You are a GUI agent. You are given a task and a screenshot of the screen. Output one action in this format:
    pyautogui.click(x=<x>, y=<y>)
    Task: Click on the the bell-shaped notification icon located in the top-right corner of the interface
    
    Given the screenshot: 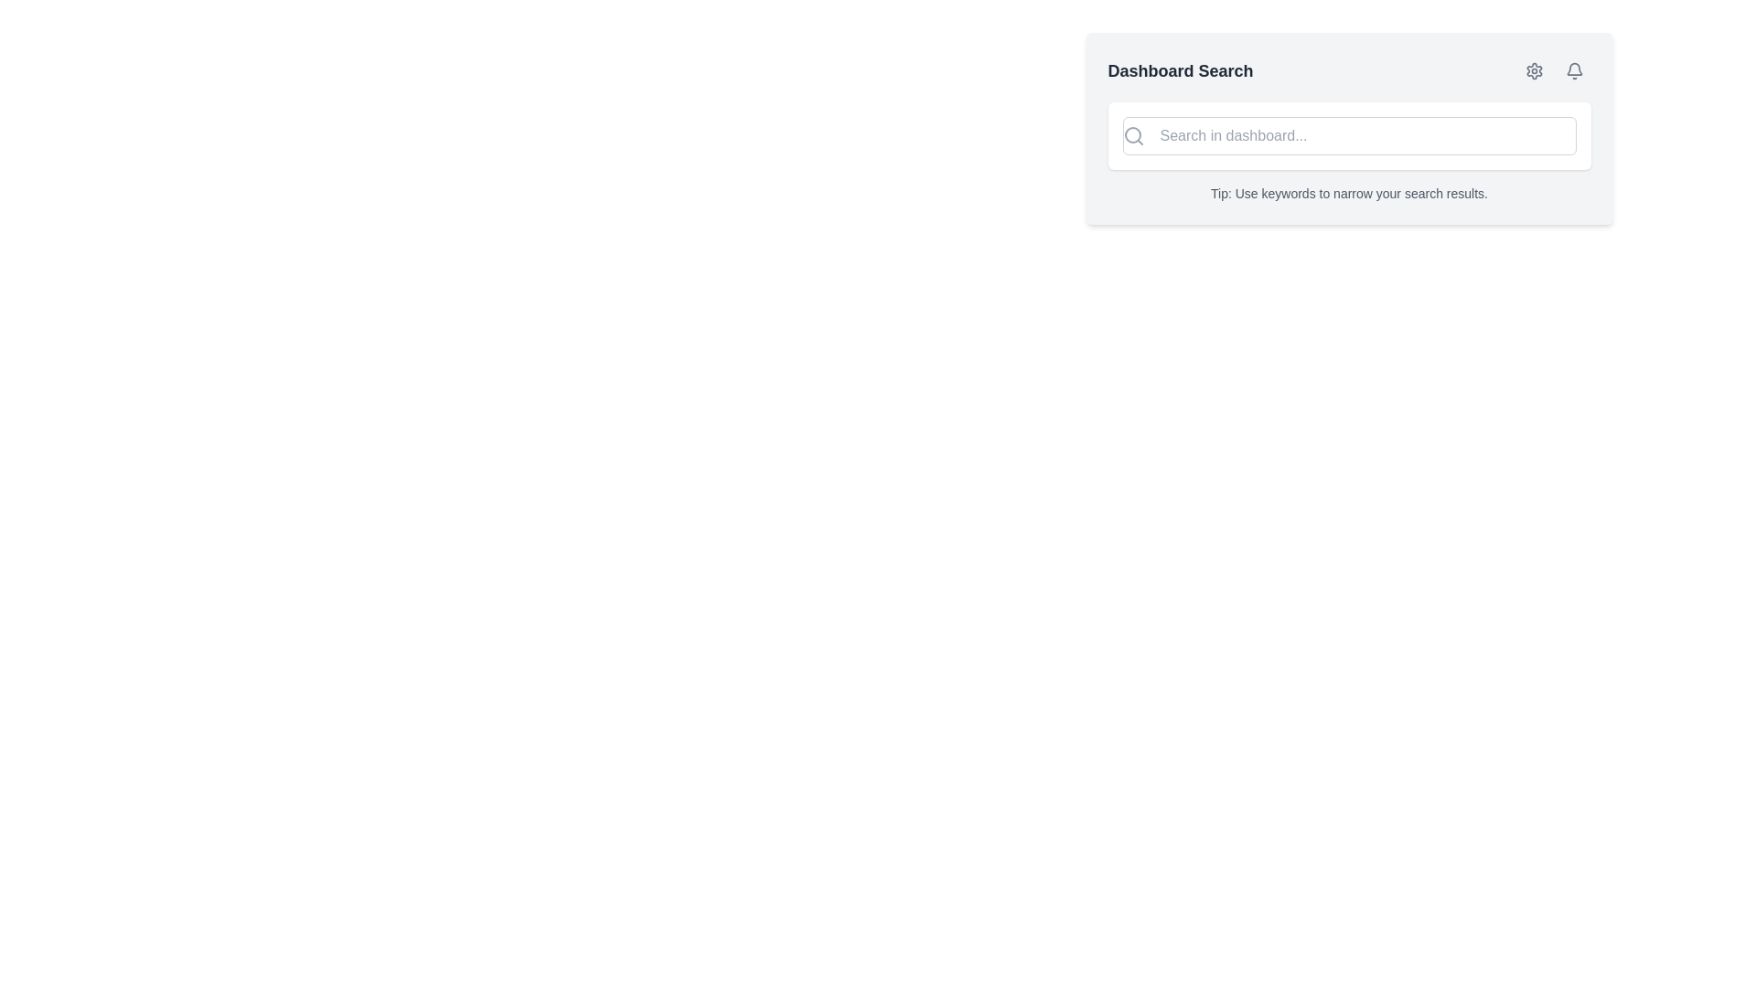 What is the action you would take?
    pyautogui.click(x=1573, y=69)
    